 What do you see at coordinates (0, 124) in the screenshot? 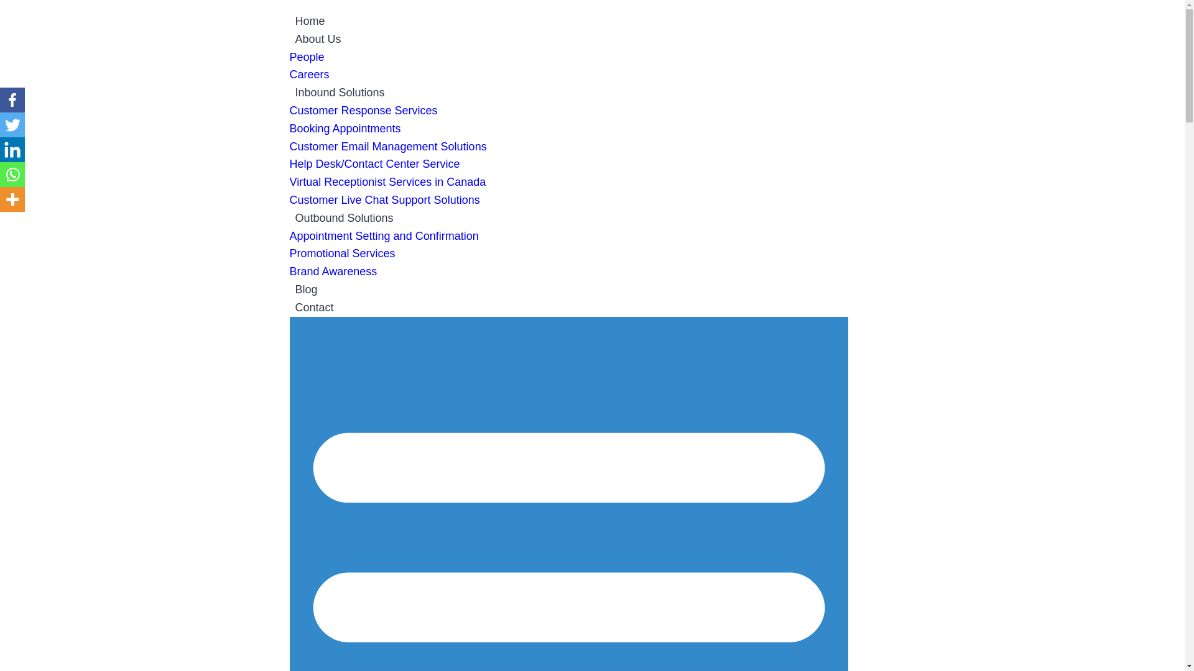
I see `'Twitter'` at bounding box center [0, 124].